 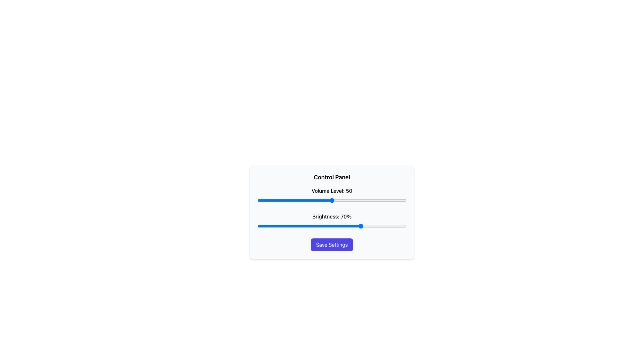 I want to click on brightness level, so click(x=275, y=226).